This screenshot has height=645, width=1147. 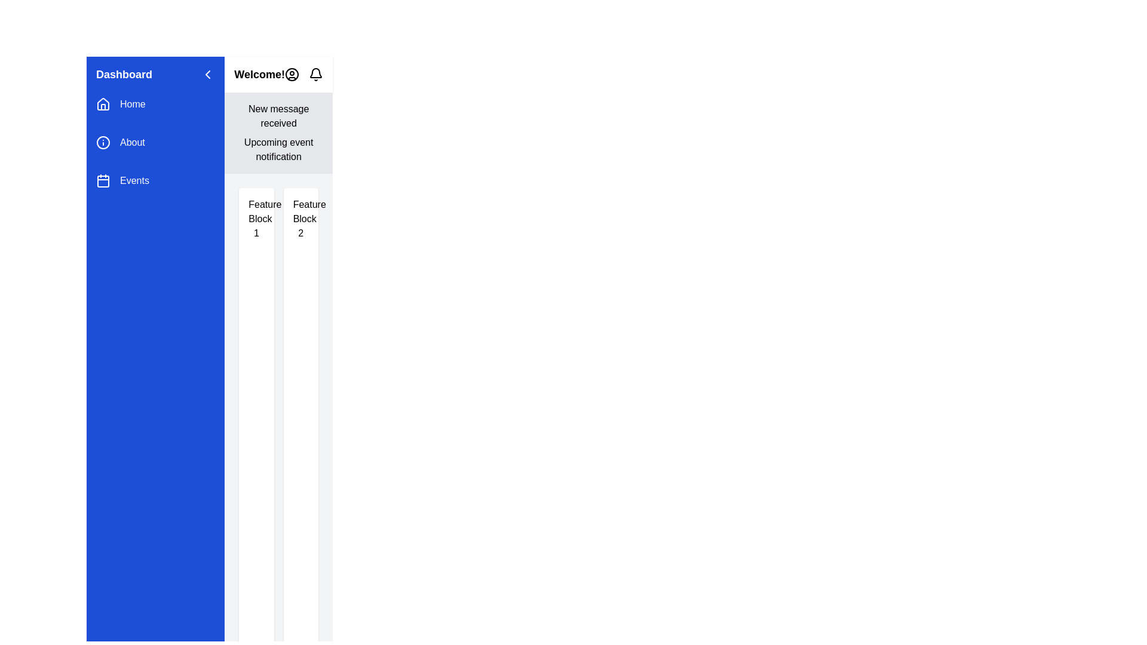 I want to click on the greeting text label located in the top-right section of the main content area, which serves as the entry point of the interface, so click(x=259, y=74).